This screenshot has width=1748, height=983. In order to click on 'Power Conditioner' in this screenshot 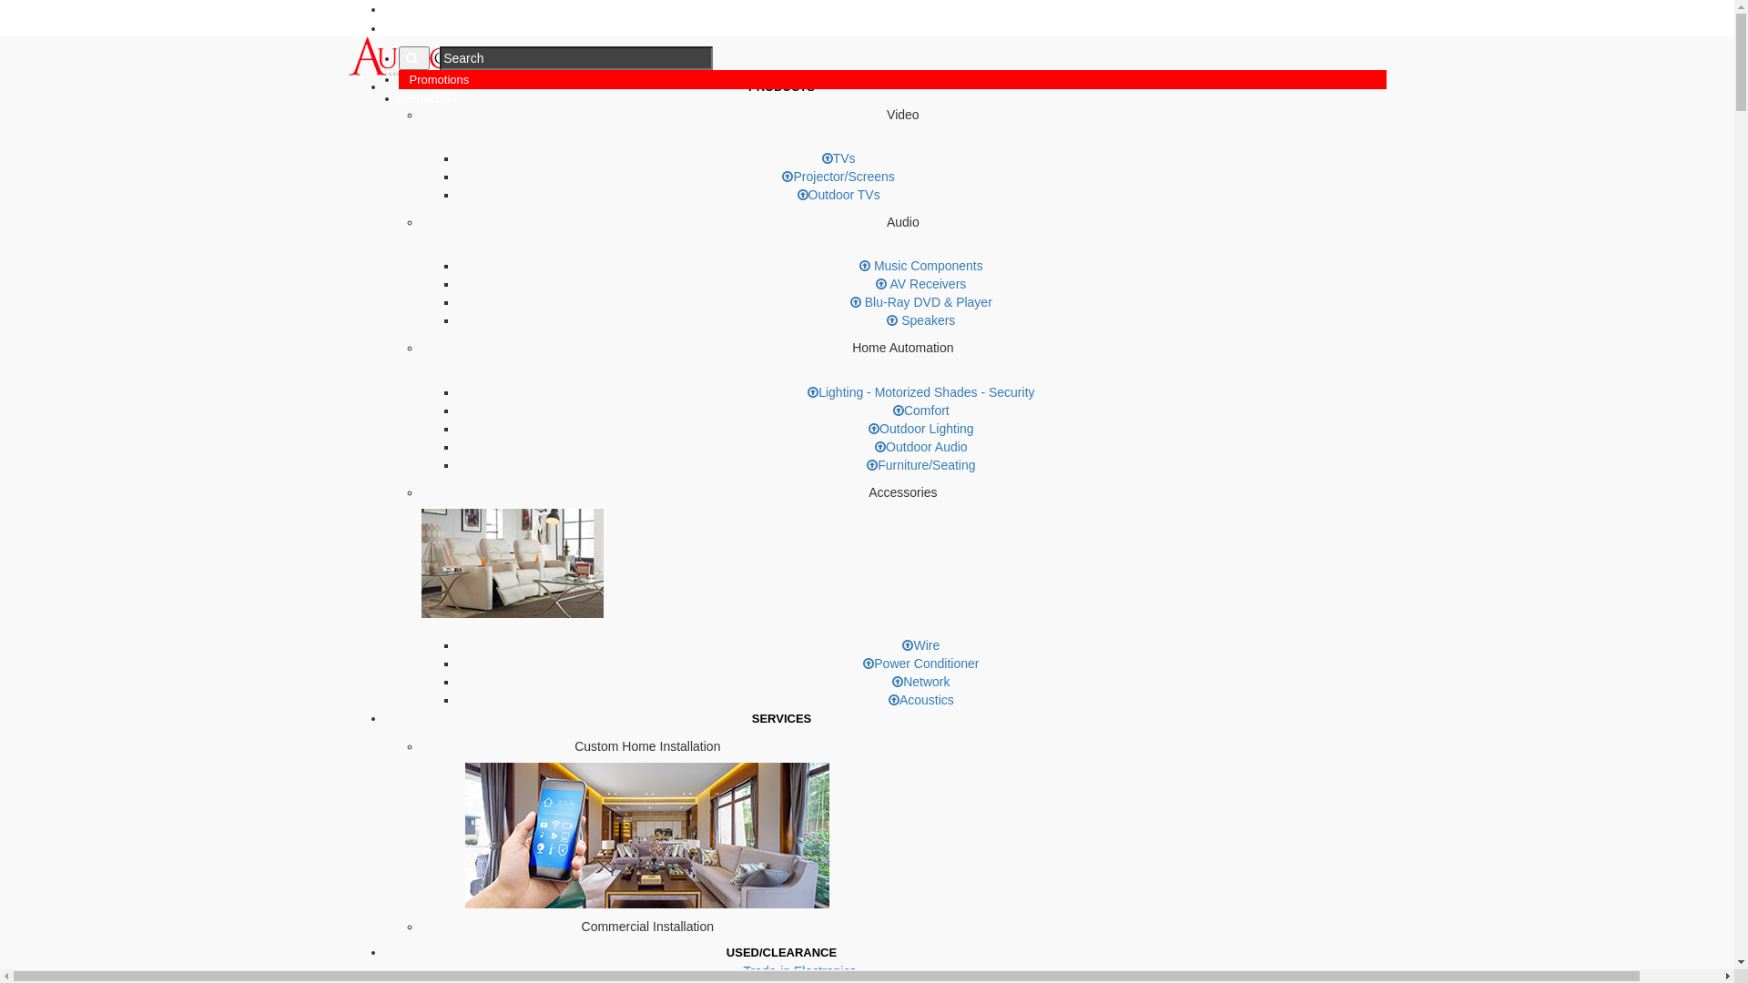, I will do `click(920, 664)`.